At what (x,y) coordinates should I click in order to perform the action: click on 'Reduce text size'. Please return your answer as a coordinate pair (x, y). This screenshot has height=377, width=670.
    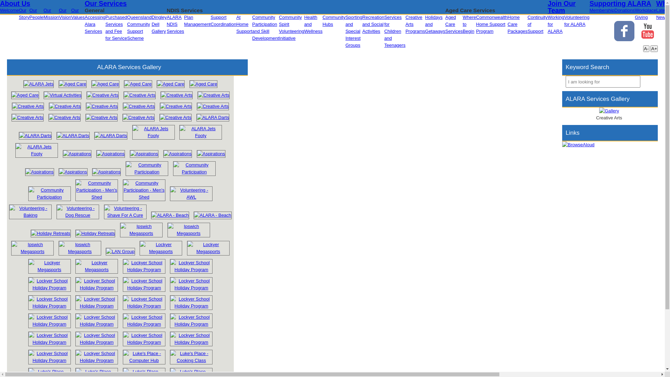
    Looking at the image, I should click on (646, 48).